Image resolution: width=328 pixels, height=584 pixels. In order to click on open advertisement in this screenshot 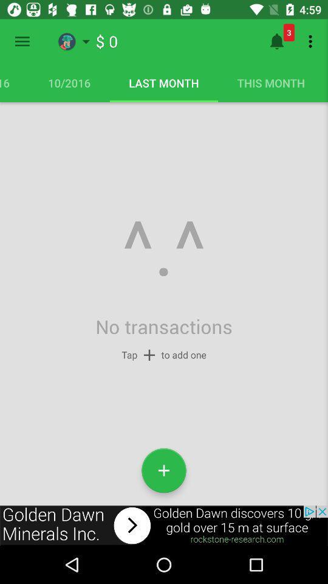, I will do `click(164, 525)`.